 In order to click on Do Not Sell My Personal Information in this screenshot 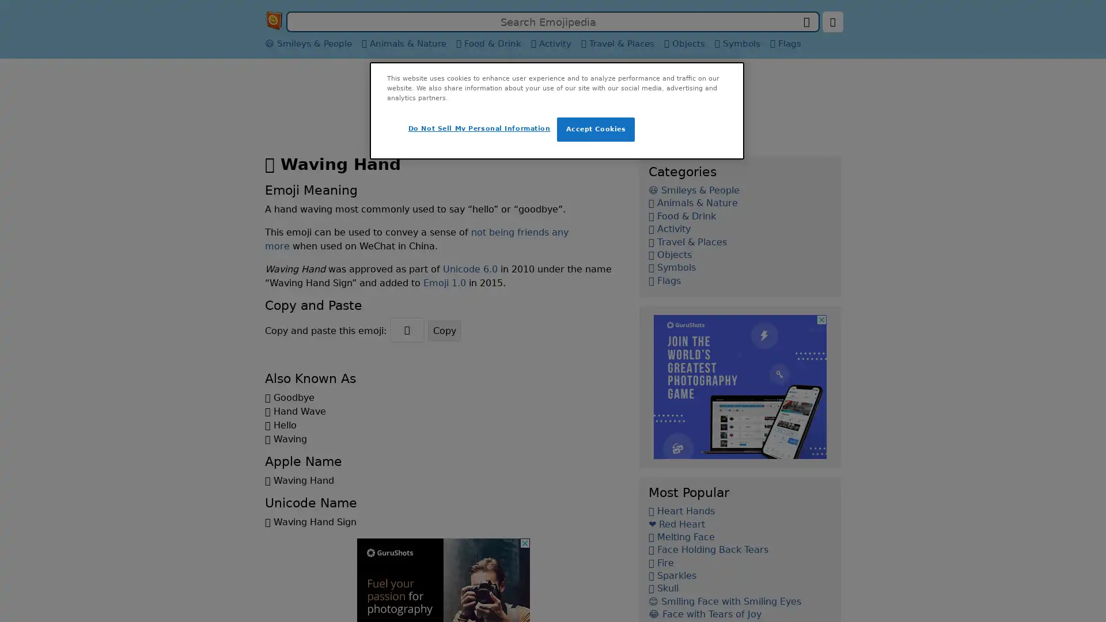, I will do `click(479, 128)`.